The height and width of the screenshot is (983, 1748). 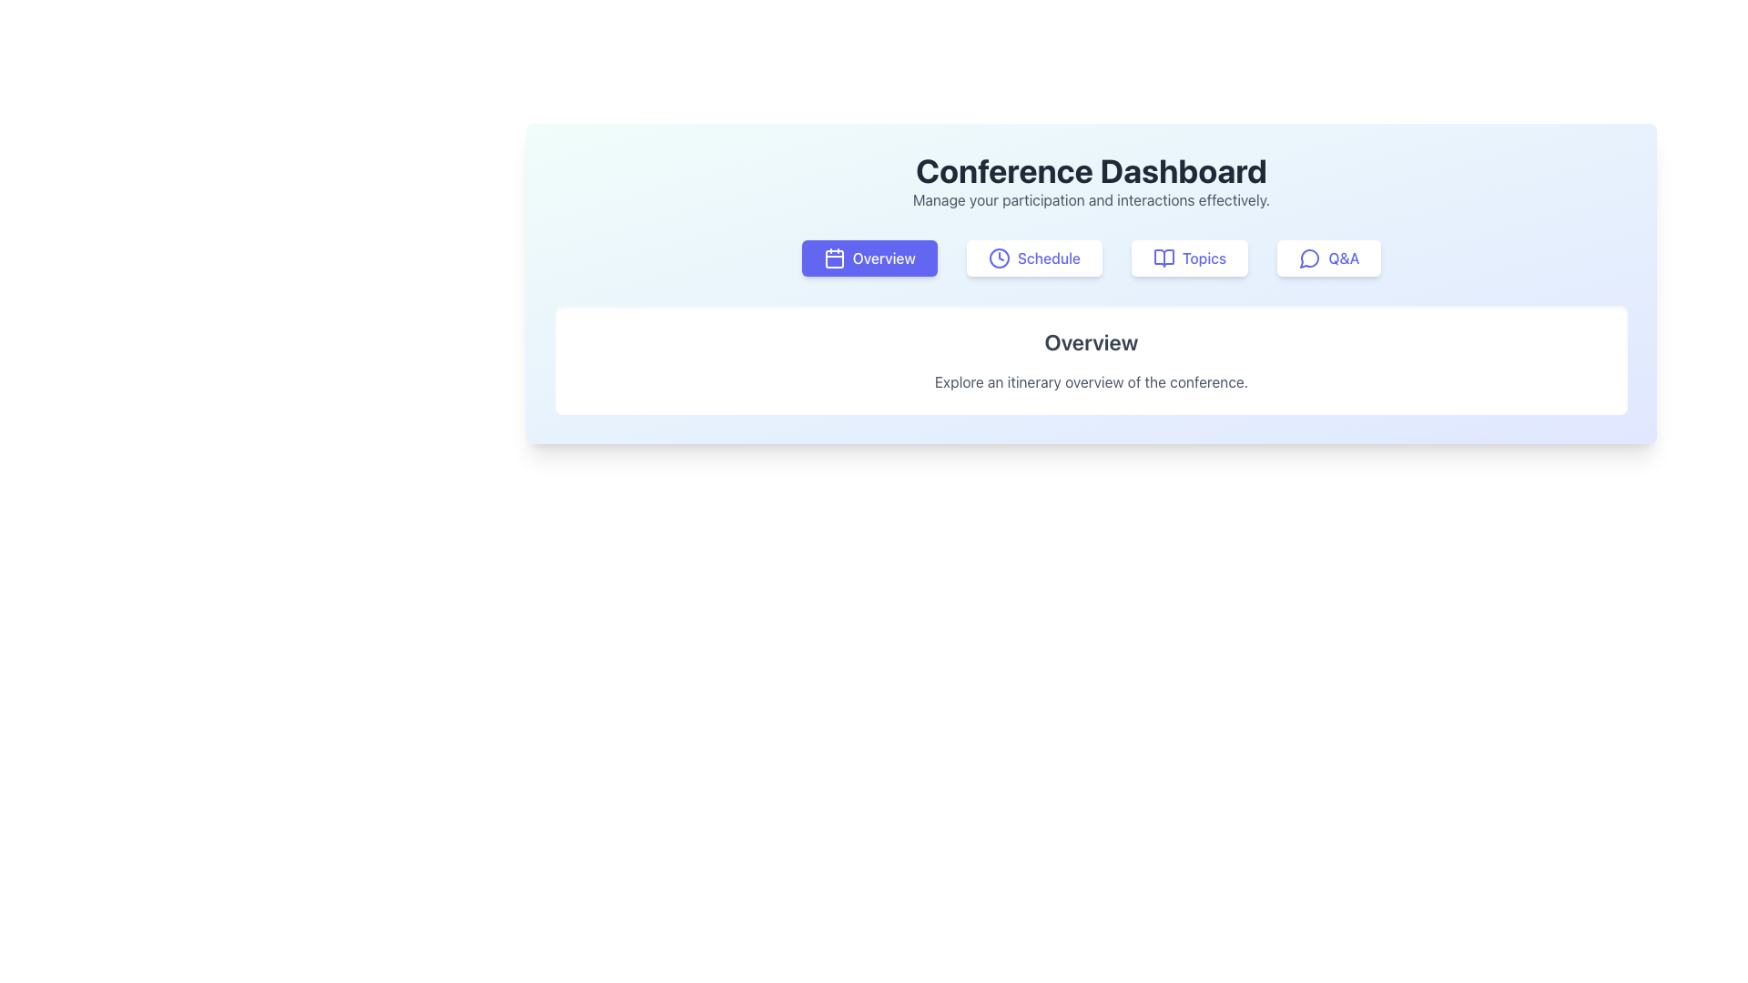 I want to click on the circular speech bubble icon, outlined in blue, located to the left of the 'Q&A' text within the button, so click(x=1309, y=258).